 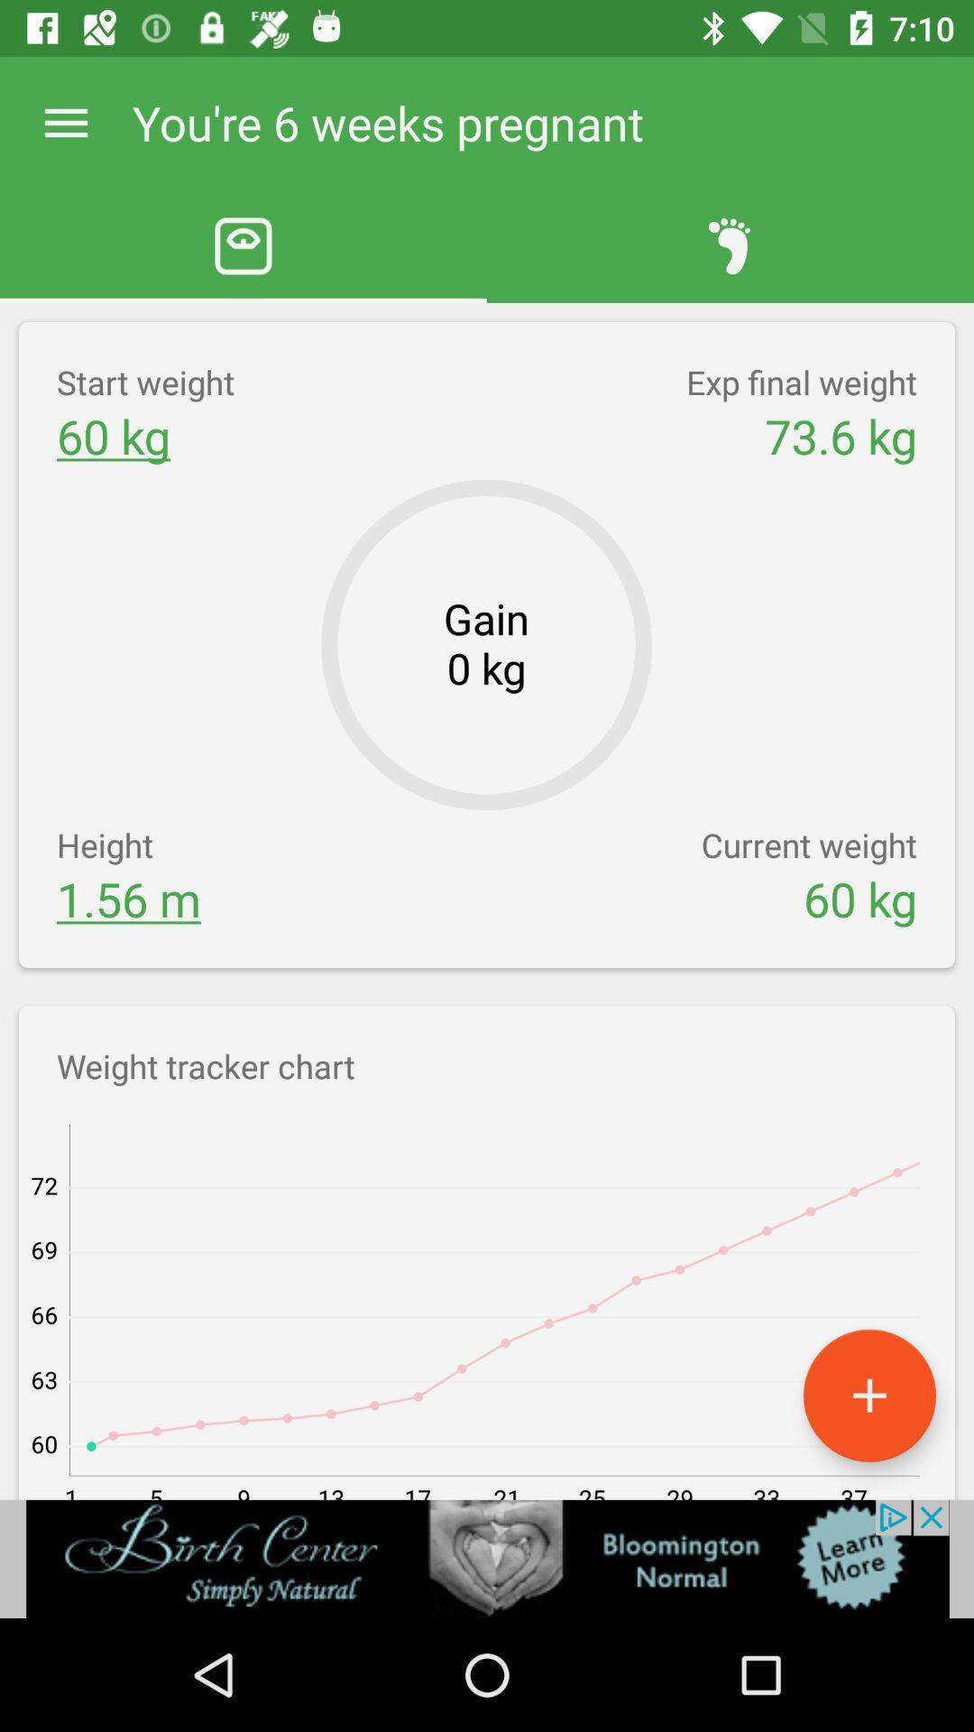 I want to click on the add icon, so click(x=868, y=1395).